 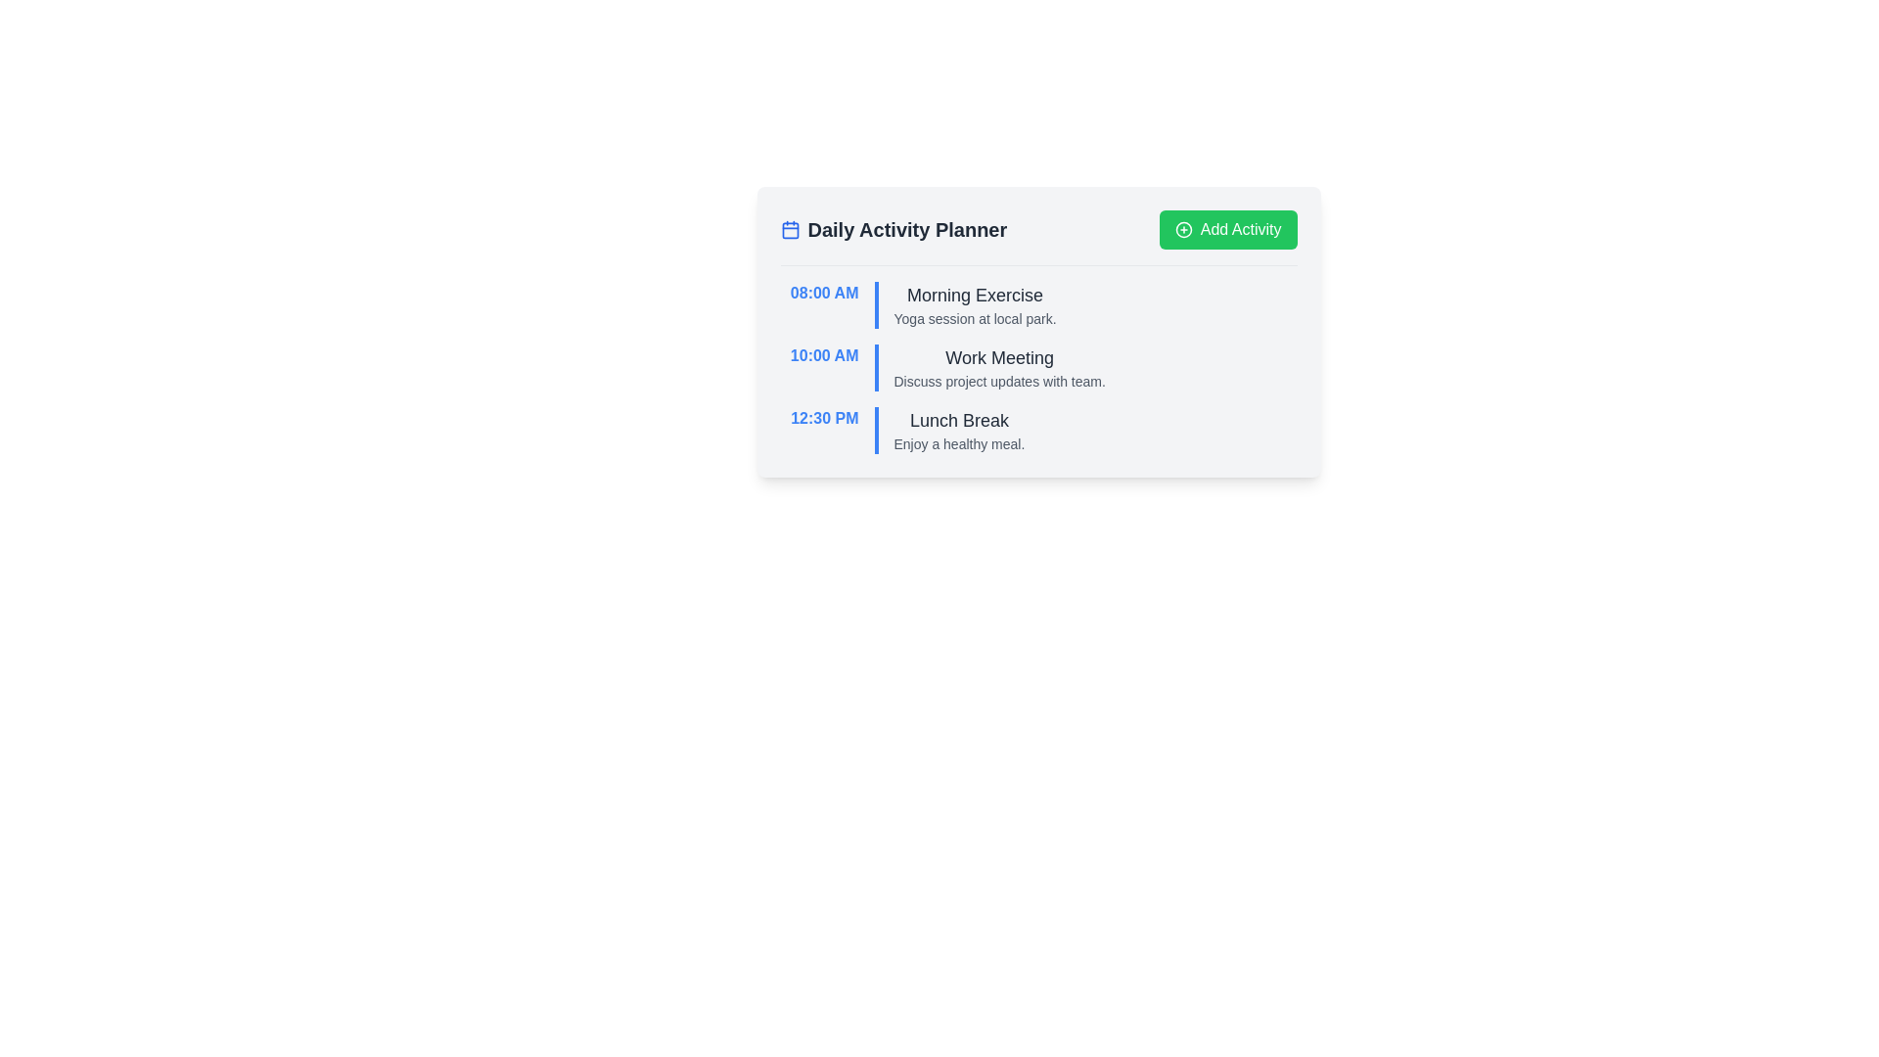 I want to click on textual information from the Event Entry element displaying '08:00 AM' and 'Morning Exercise' in the daily planner interface, so click(x=1037, y=305).